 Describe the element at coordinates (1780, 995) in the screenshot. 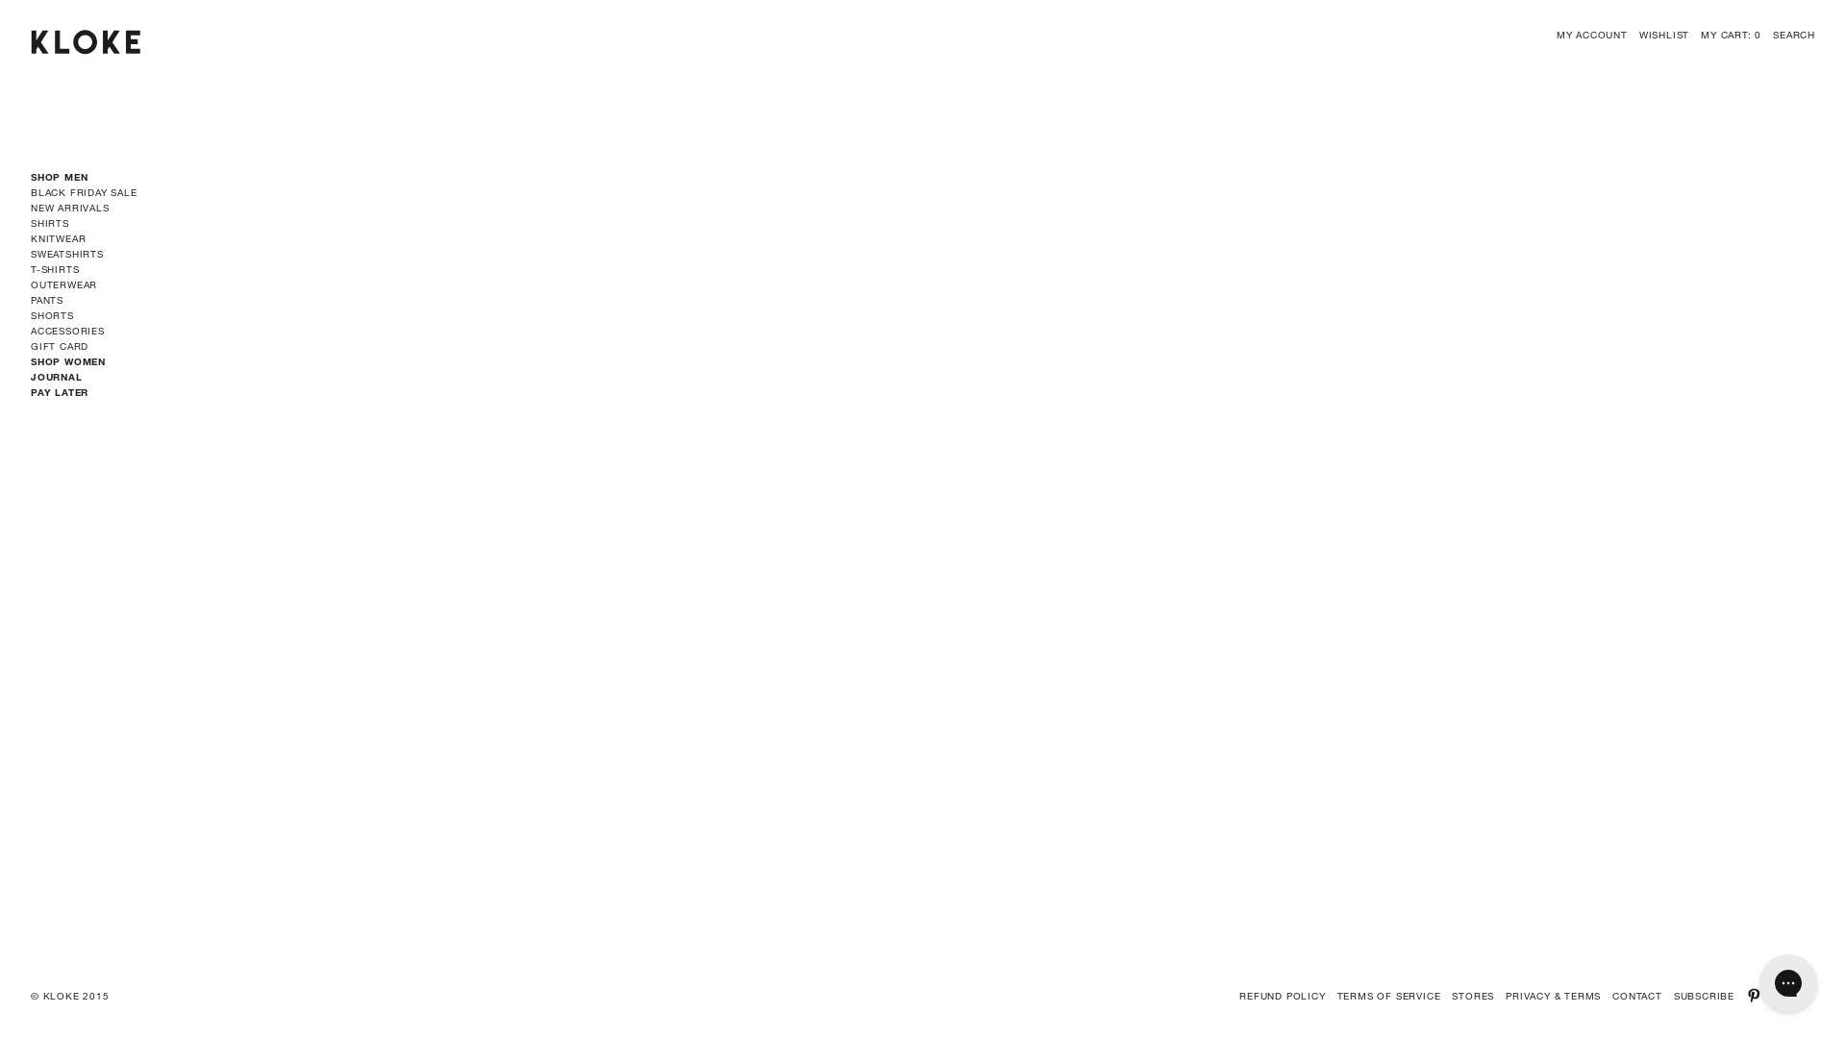

I see `'INSTAGRAM'` at that location.